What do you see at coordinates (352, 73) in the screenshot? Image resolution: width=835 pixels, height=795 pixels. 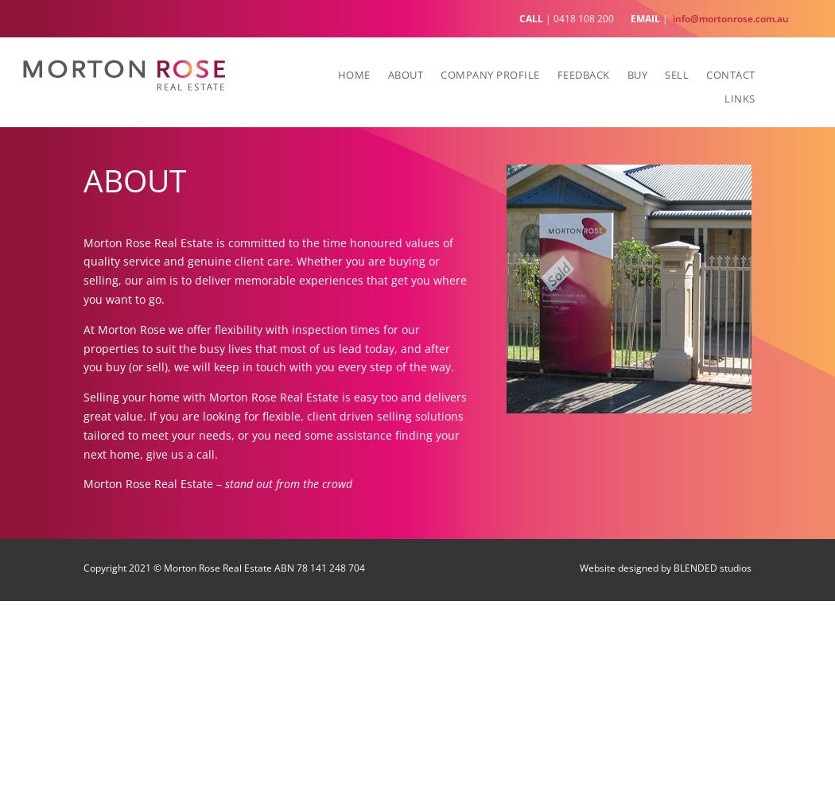 I see `'HOME'` at bounding box center [352, 73].